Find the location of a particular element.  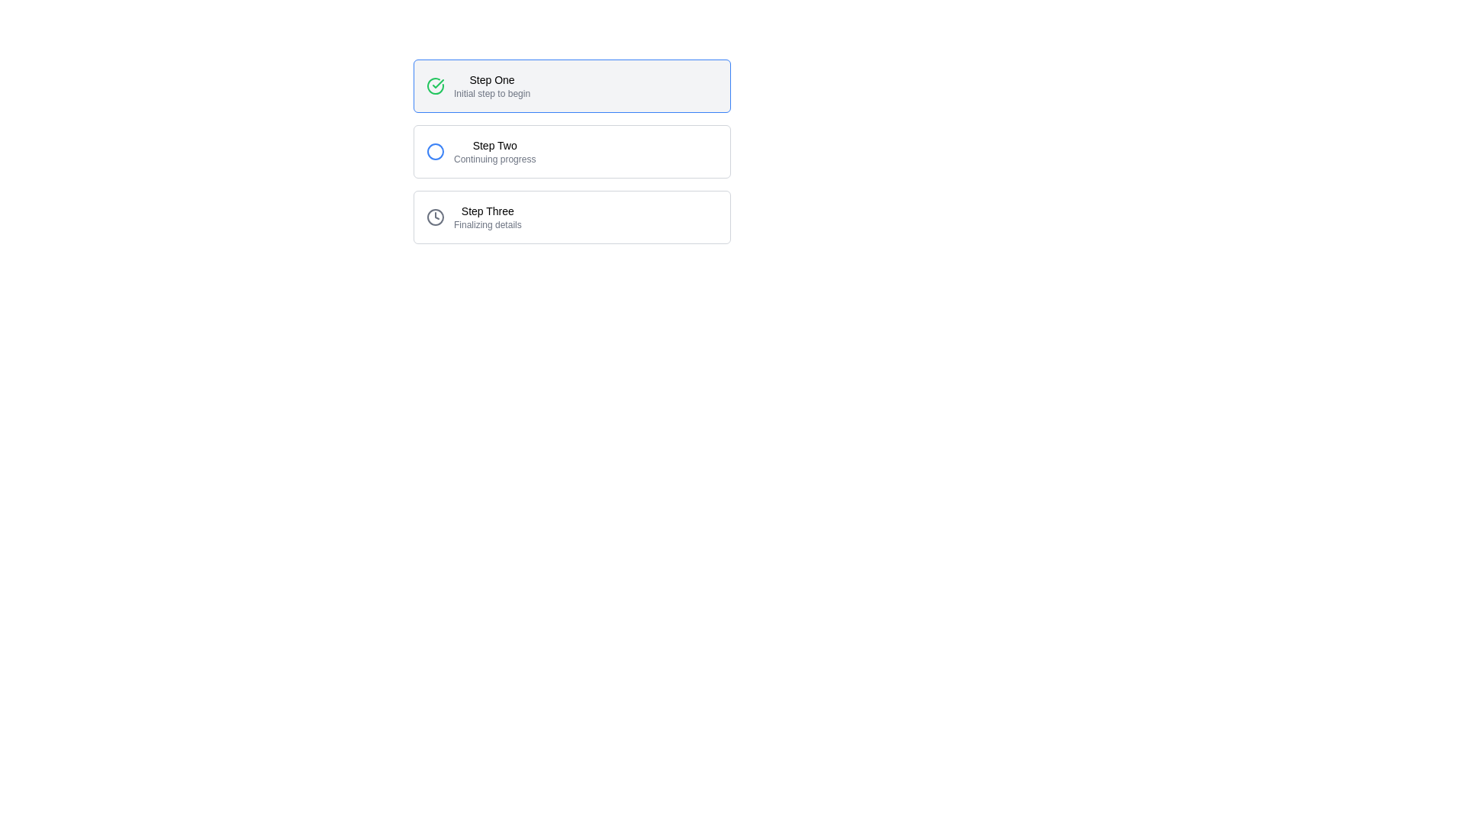

the progress indicator with labeled steps located centrally in the display to interact with individual steps is located at coordinates (571, 152).